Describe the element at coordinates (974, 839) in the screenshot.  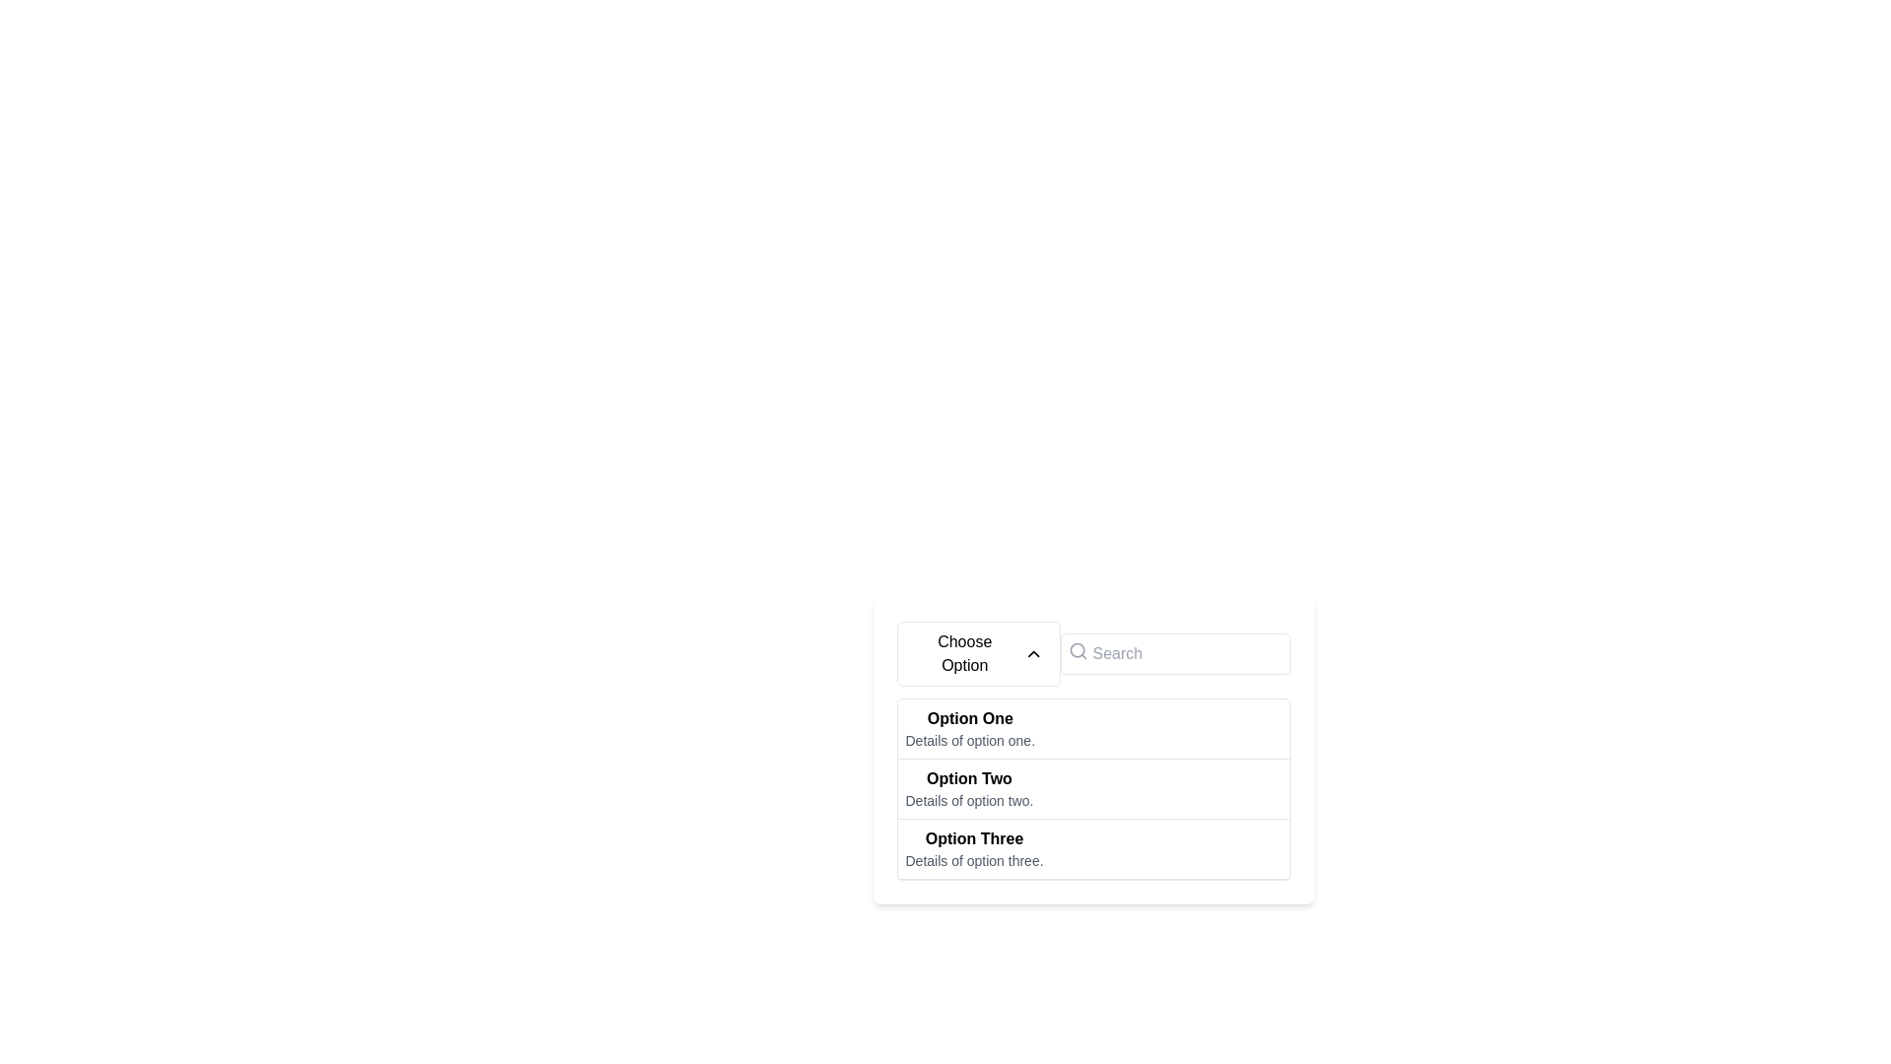
I see `the bold text label reading 'Option Three'` at that location.